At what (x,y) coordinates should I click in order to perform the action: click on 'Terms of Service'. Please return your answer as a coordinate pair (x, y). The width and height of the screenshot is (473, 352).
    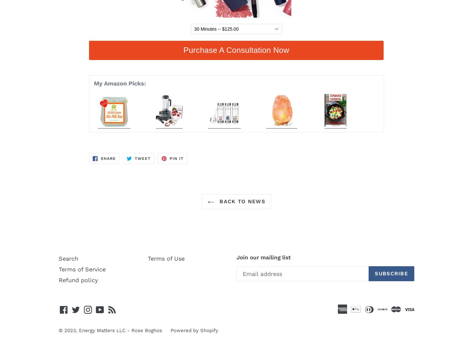
    Looking at the image, I should click on (82, 268).